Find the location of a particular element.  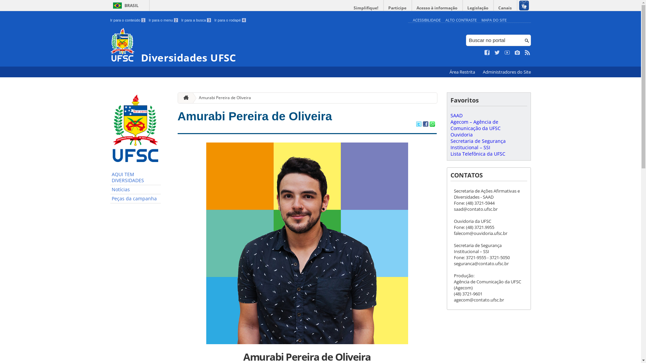

'ALTO CONTRASTE' is located at coordinates (461, 19).